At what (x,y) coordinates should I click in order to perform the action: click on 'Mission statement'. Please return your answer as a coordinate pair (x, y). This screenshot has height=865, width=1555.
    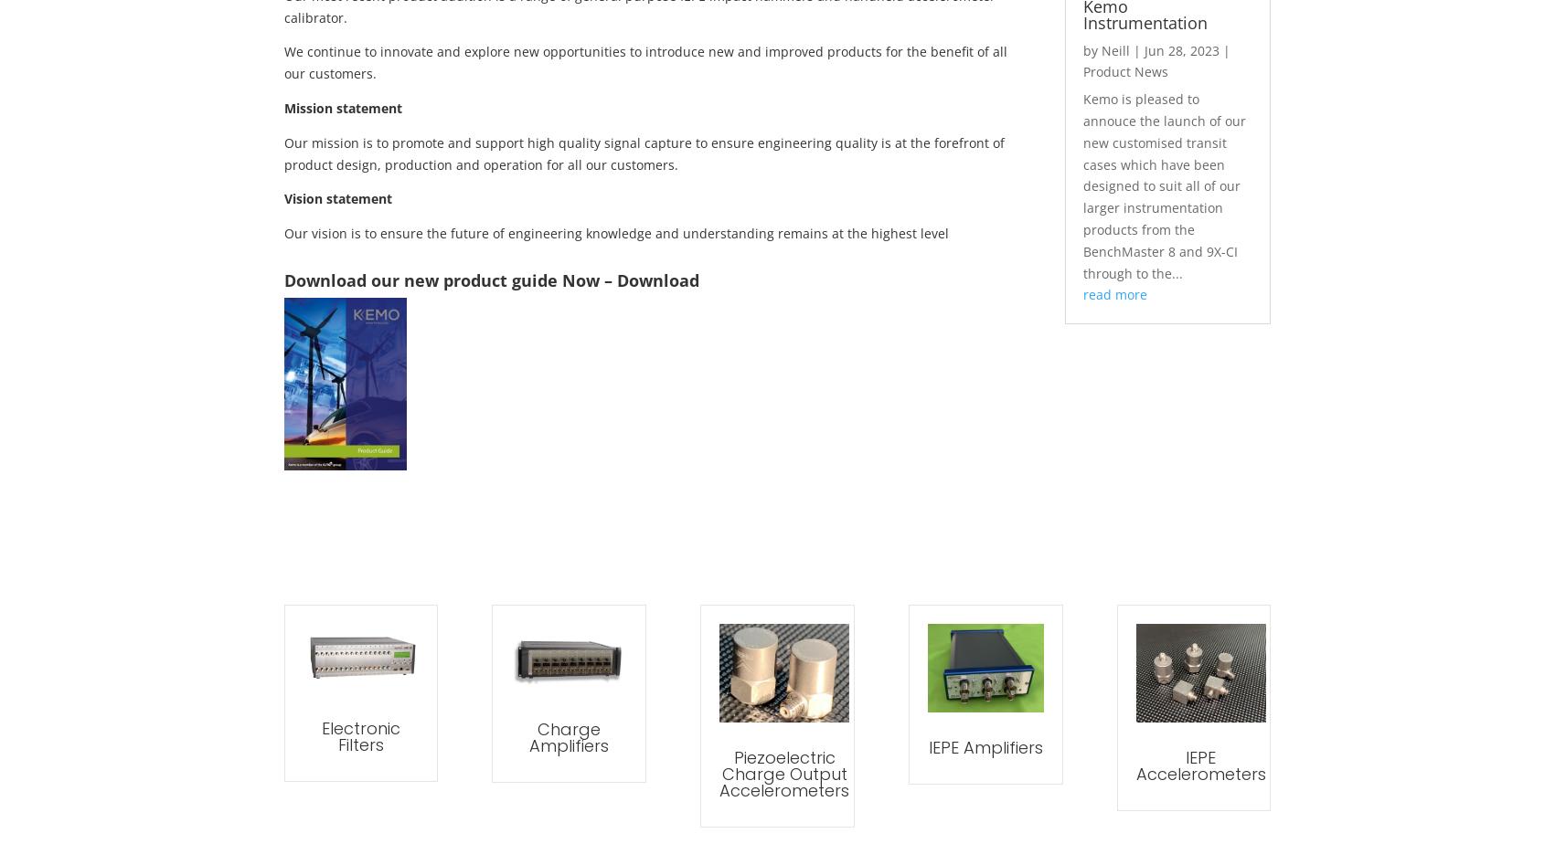
    Looking at the image, I should click on (341, 106).